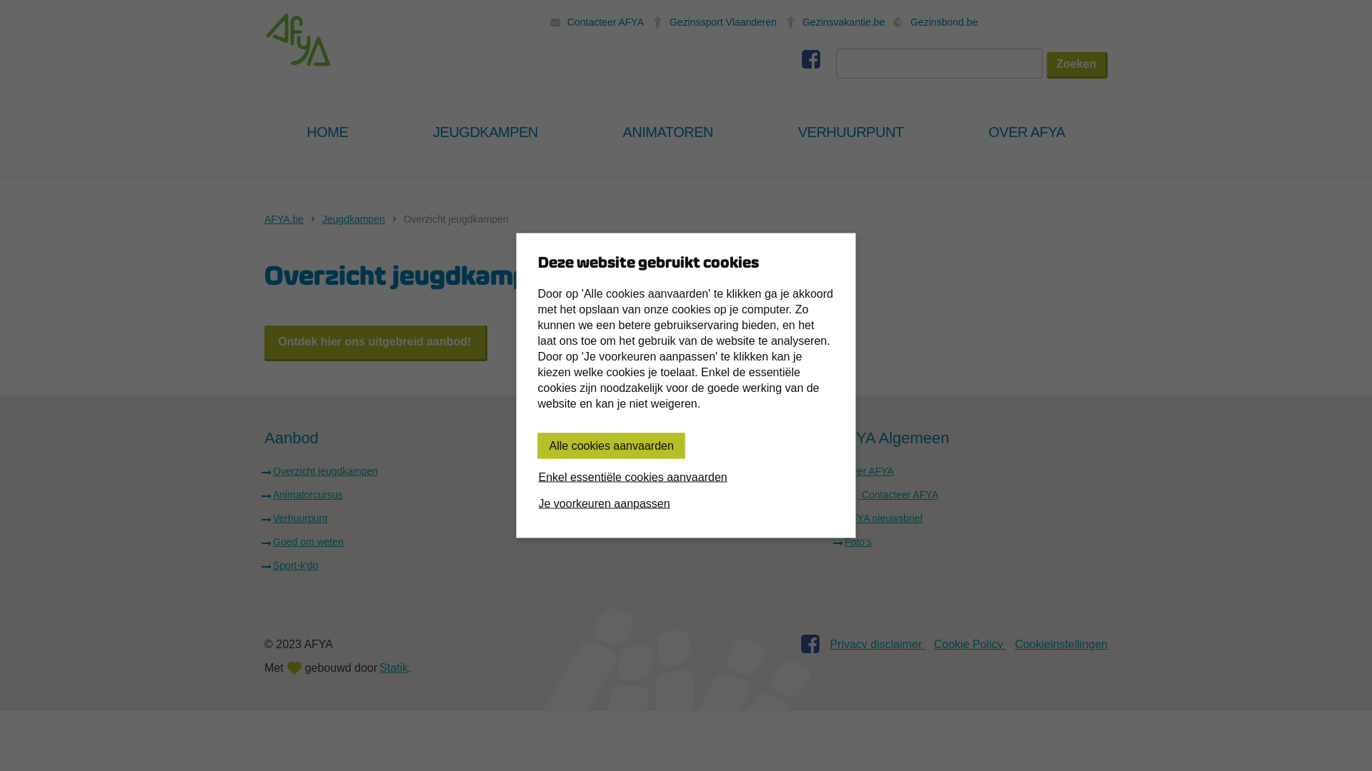  I want to click on 'Je voorkeuren aanpassen', so click(537, 503).